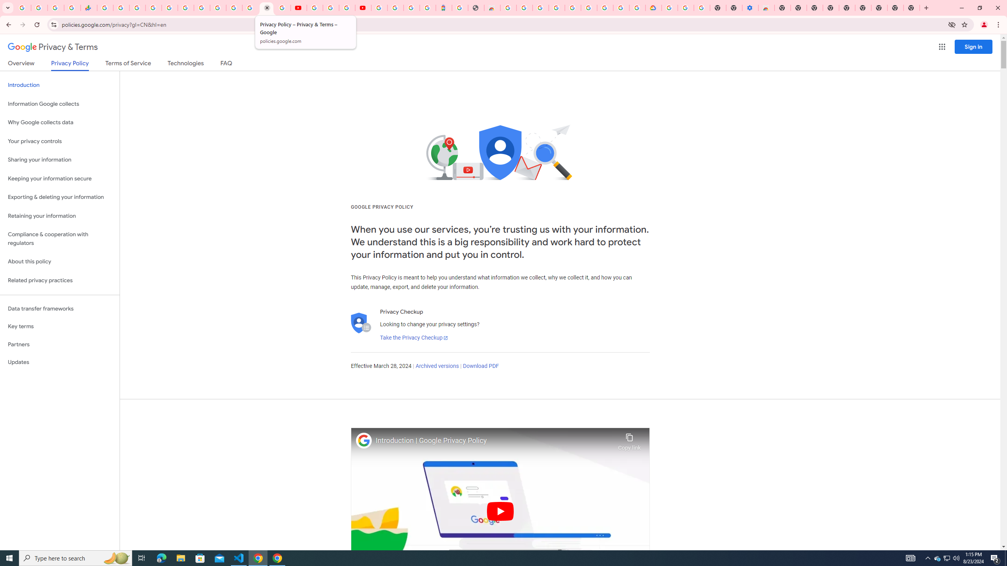 The image size is (1007, 566). I want to click on 'Sharing your information', so click(59, 159).